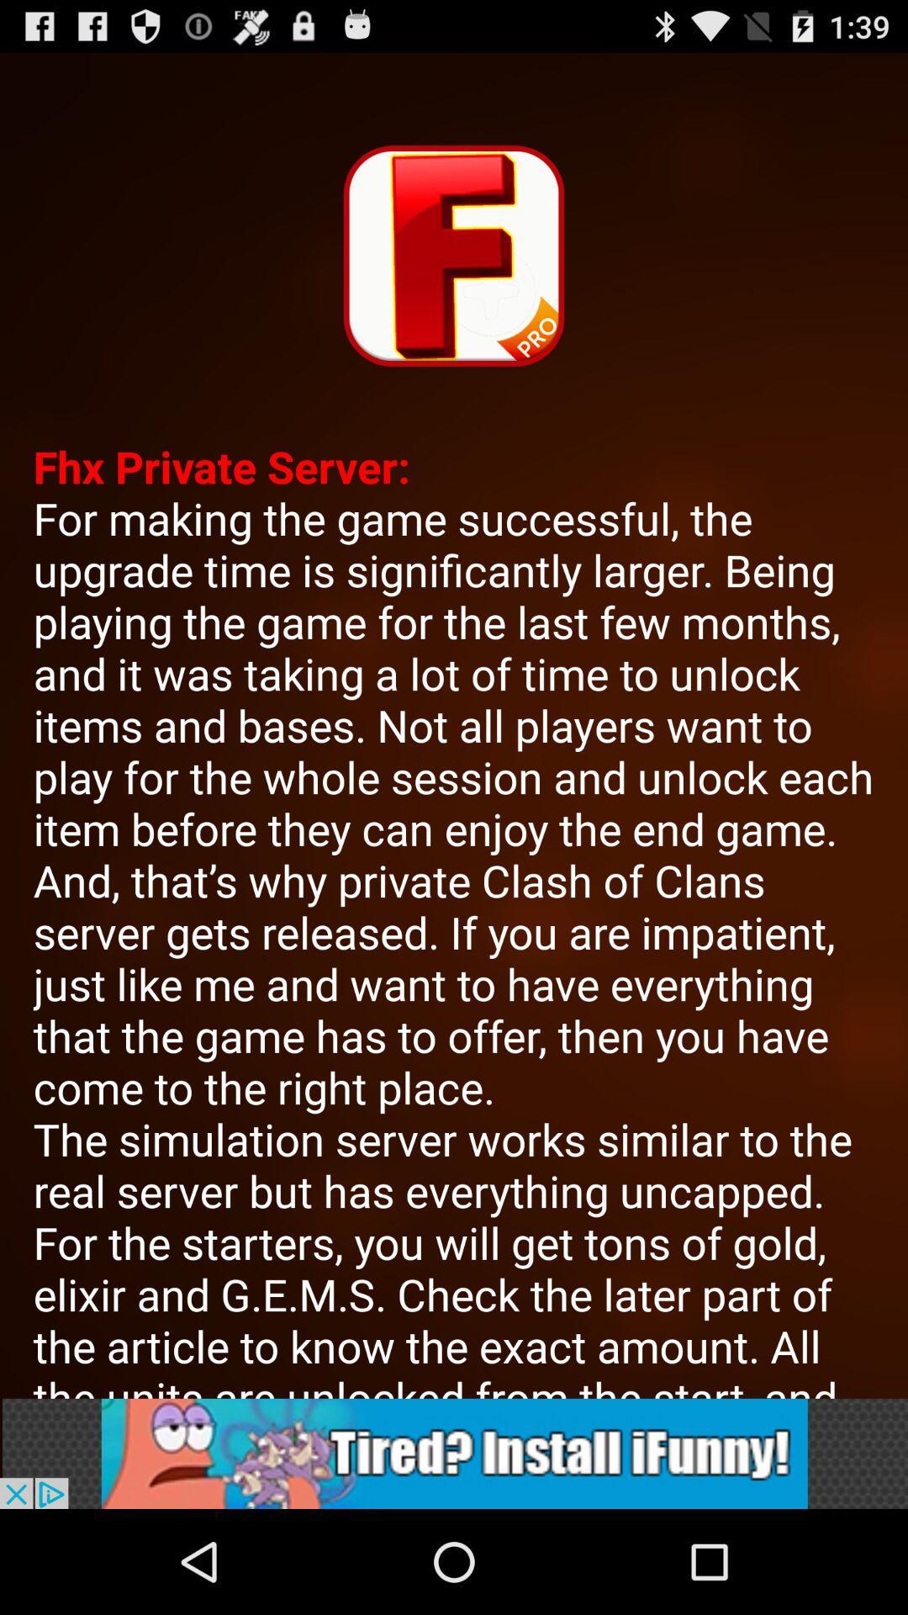 Image resolution: width=908 pixels, height=1615 pixels. Describe the element at coordinates (454, 1453) in the screenshot. I see `advertising` at that location.